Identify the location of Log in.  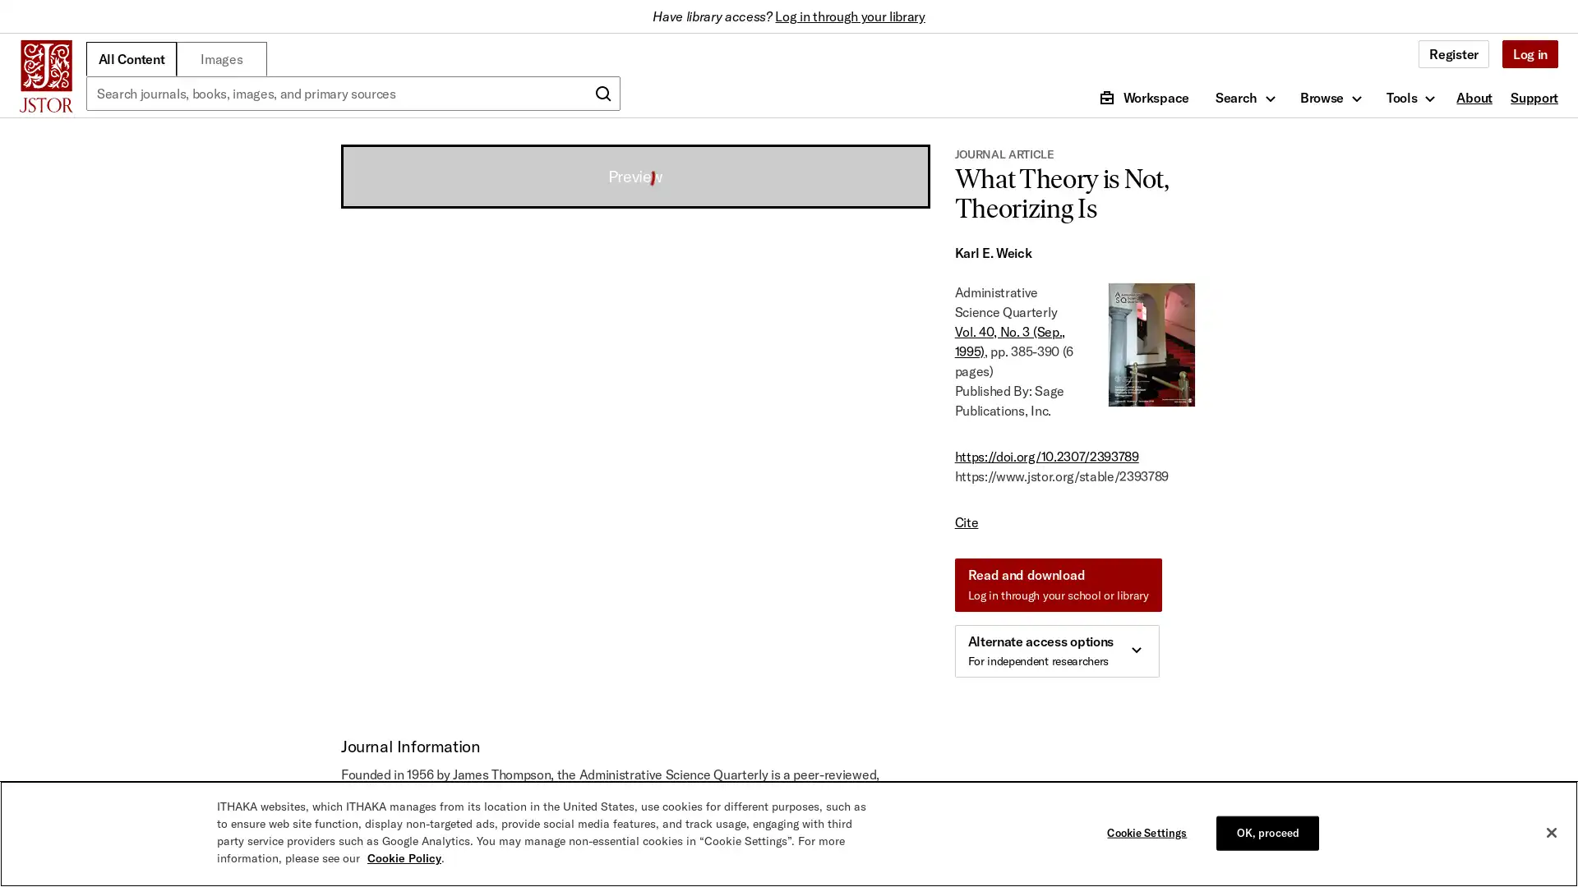
(1529, 53).